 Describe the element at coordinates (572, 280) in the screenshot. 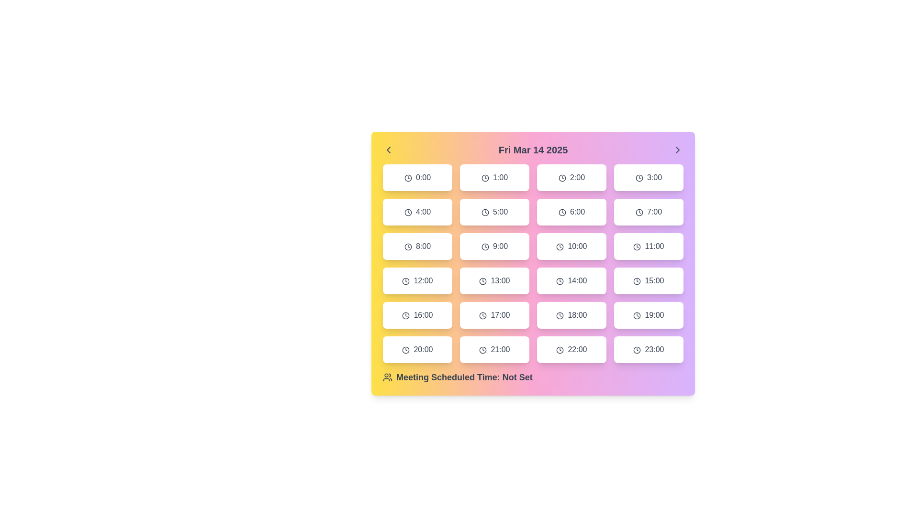

I see `the rectangular button with rounded corners, white background, clock icon on the left, and text '14:00' on the right, located in the fourth column of the fourth row` at that location.